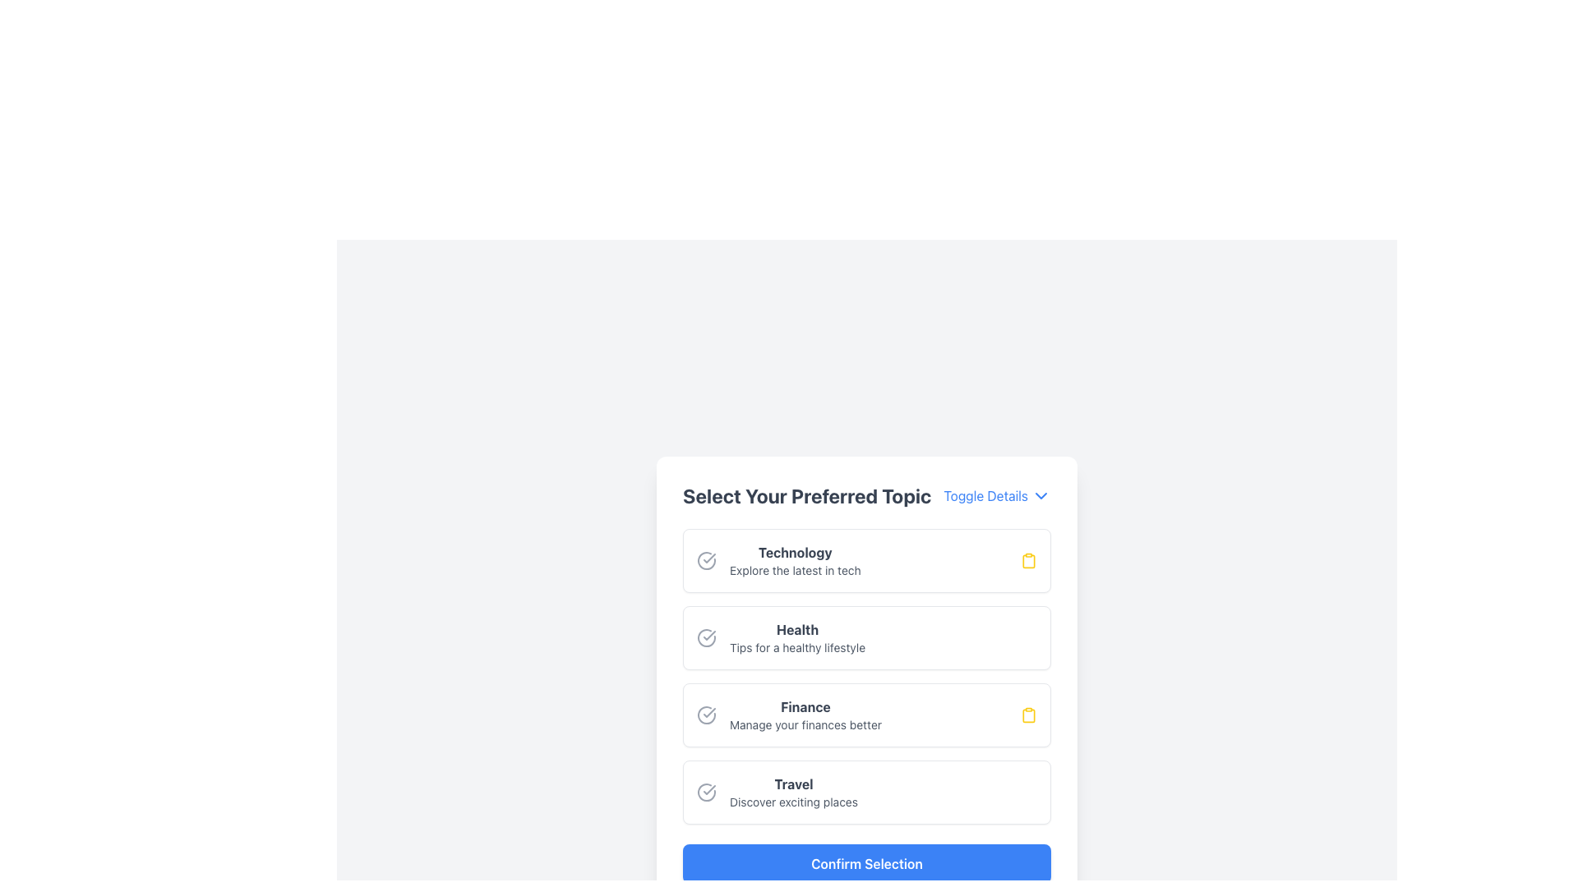 Image resolution: width=1578 pixels, height=887 pixels. I want to click on the clipboard-style icon adjacent to the 'Technology' text to interact with the related topic, so click(1028, 559).